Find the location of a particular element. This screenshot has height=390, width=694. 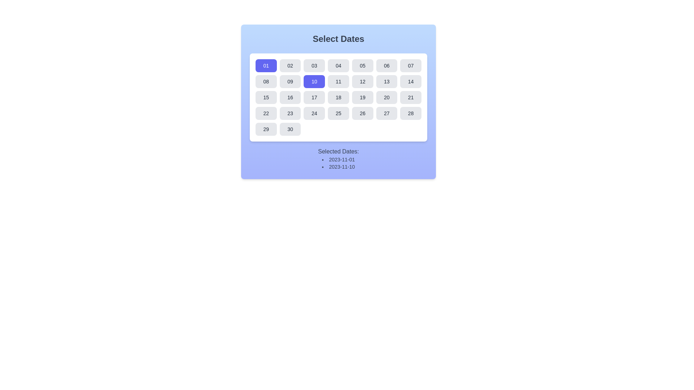

text content of the second entry in the vertical bulleted list, which displays '2023-11-10' beneath '2023-11-01' is located at coordinates (338, 167).